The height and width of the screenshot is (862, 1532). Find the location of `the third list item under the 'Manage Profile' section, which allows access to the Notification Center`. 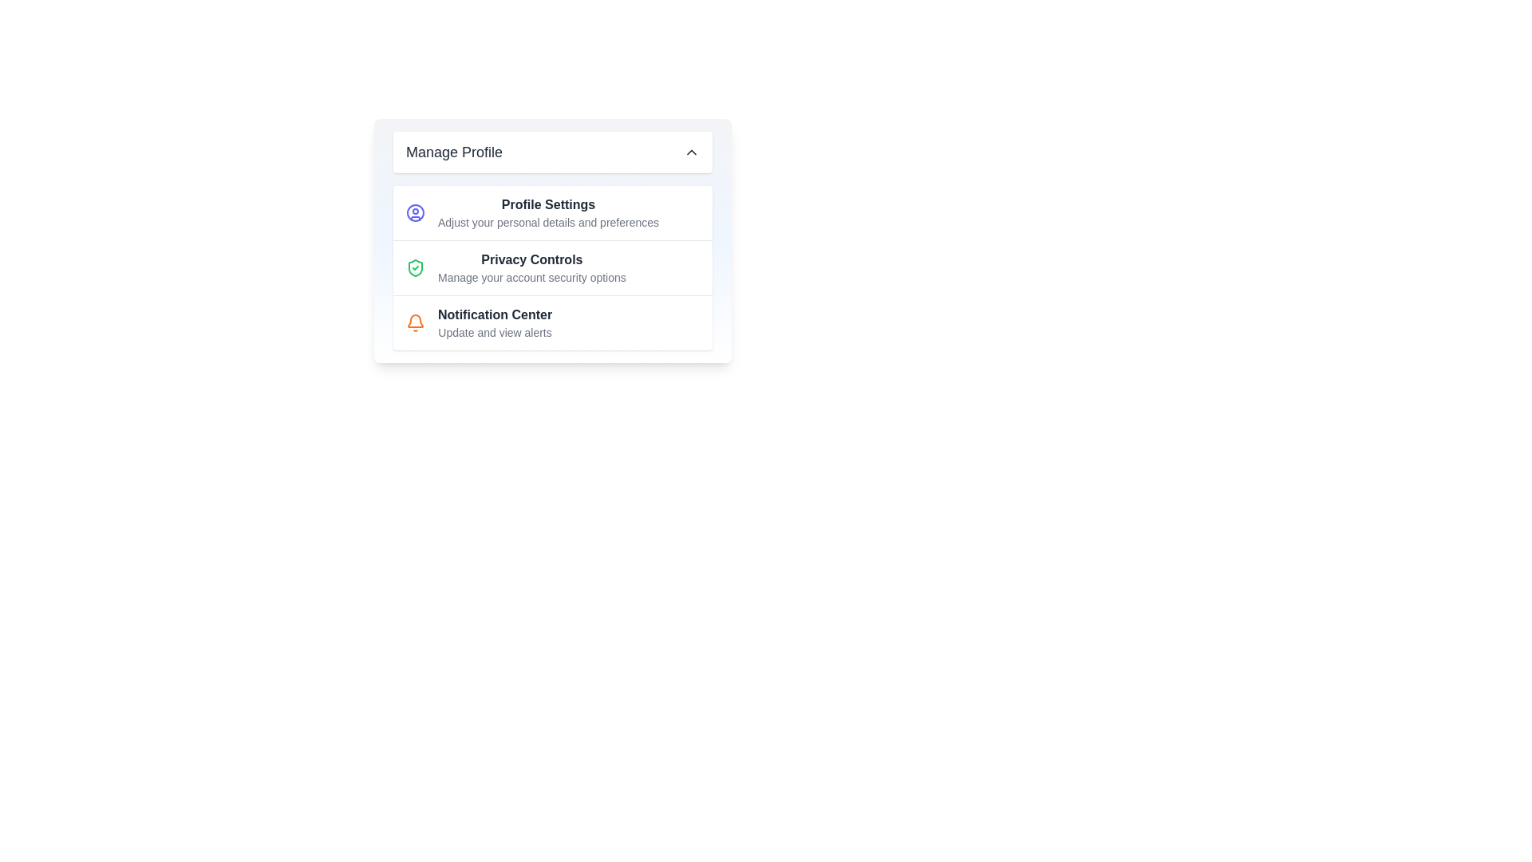

the third list item under the 'Manage Profile' section, which allows access to the Notification Center is located at coordinates (552, 322).